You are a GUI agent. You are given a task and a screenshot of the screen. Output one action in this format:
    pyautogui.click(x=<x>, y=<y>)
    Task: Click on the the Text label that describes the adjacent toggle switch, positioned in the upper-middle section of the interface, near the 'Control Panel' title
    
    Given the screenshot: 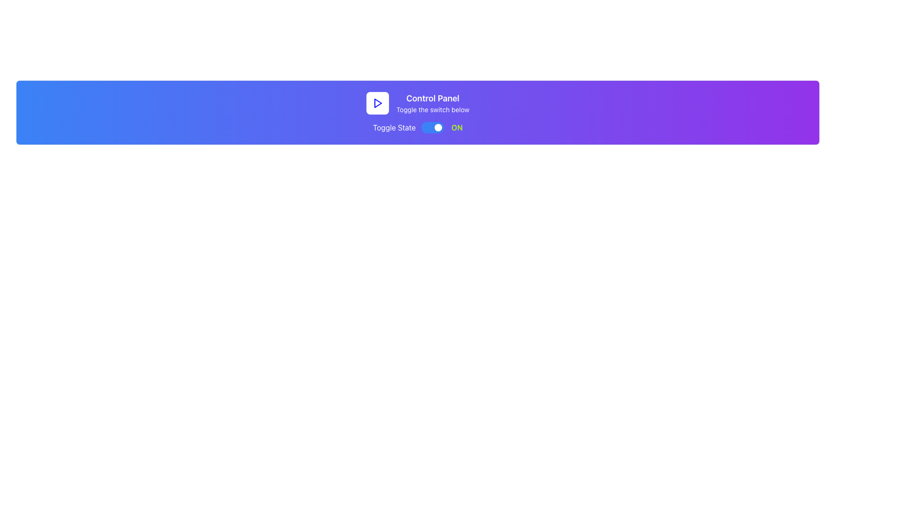 What is the action you would take?
    pyautogui.click(x=394, y=128)
    